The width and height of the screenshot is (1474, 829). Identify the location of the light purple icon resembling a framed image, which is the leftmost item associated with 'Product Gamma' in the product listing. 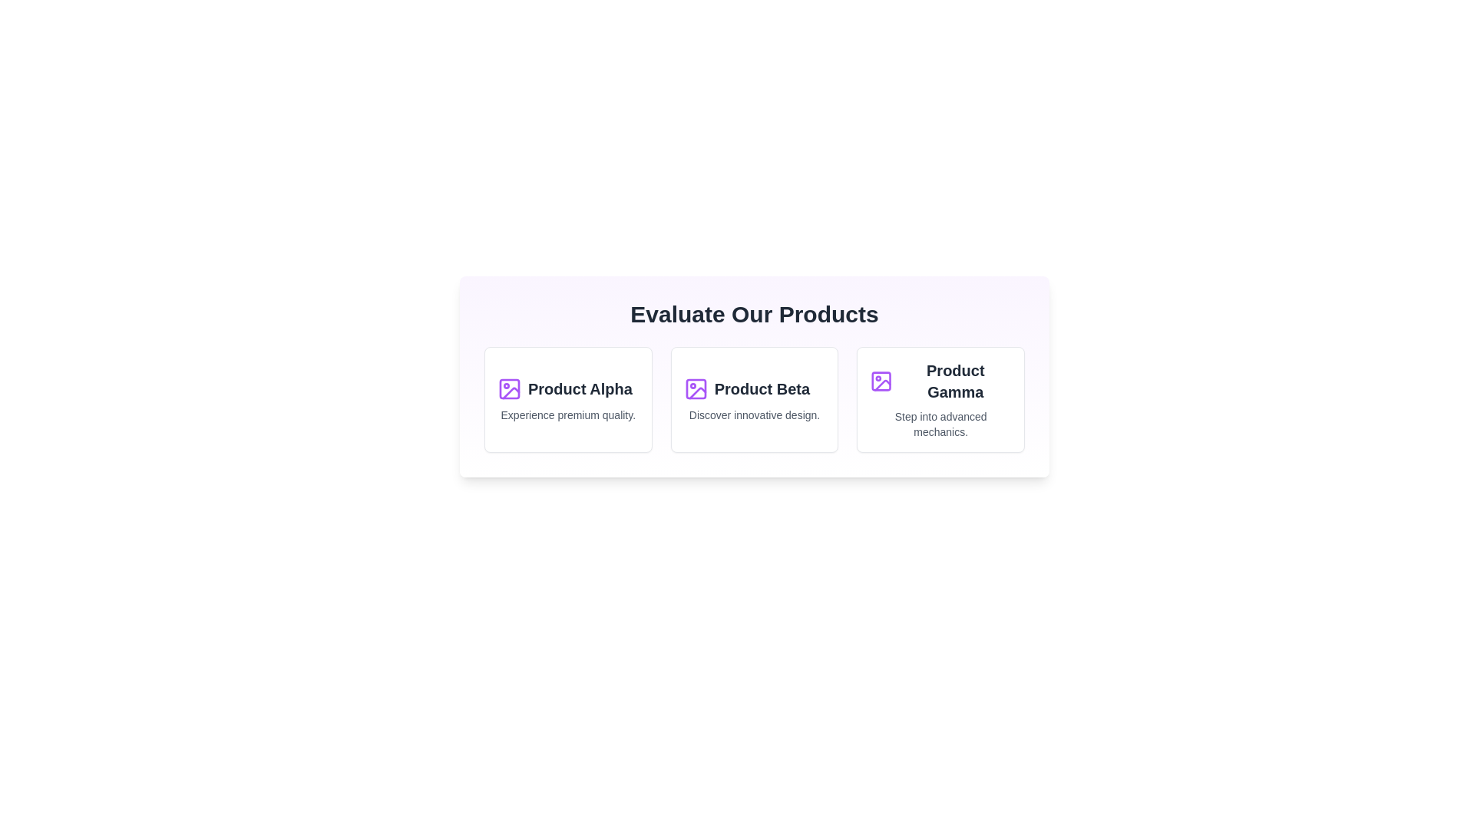
(881, 381).